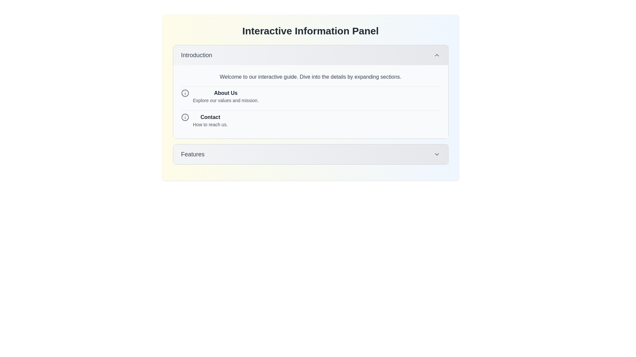 This screenshot has height=357, width=636. Describe the element at coordinates (226, 93) in the screenshot. I see `the 'About Us' text label located in the 'Introduction' section of the interactive information panel` at that location.